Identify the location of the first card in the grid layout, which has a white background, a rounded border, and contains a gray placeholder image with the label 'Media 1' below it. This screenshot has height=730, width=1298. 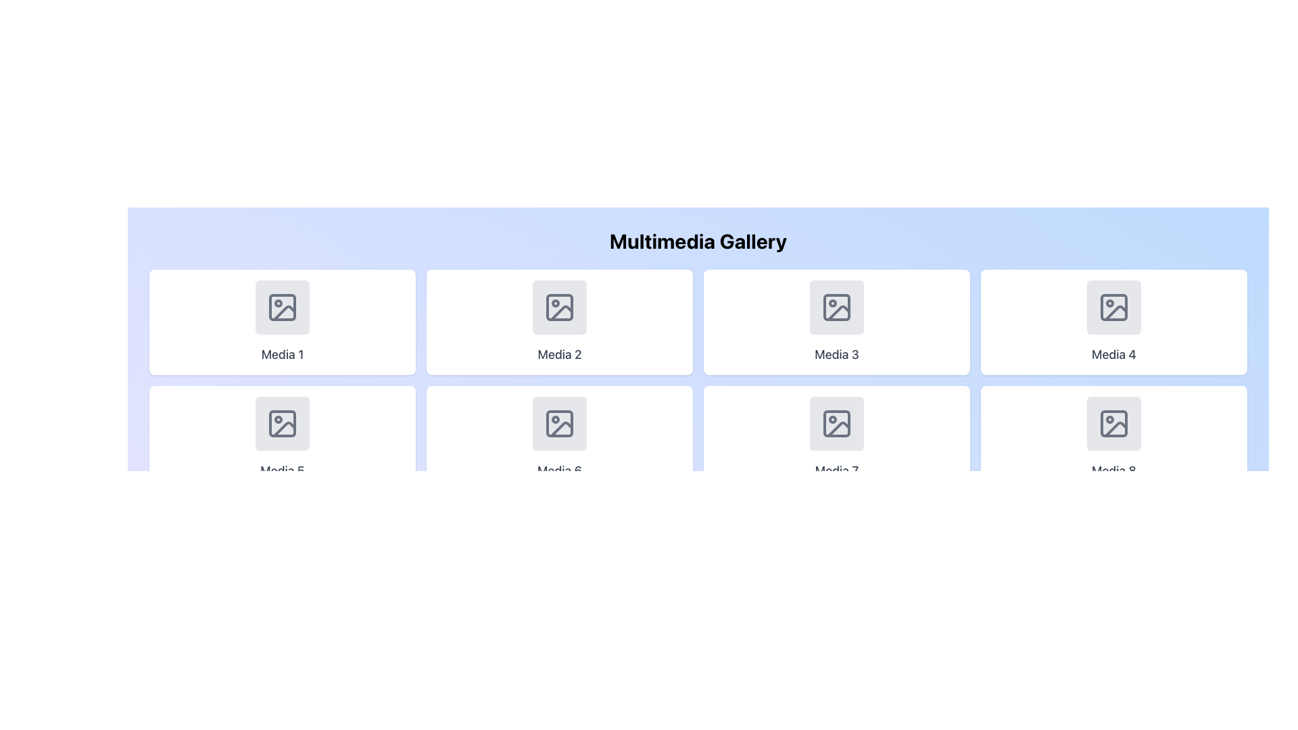
(281, 322).